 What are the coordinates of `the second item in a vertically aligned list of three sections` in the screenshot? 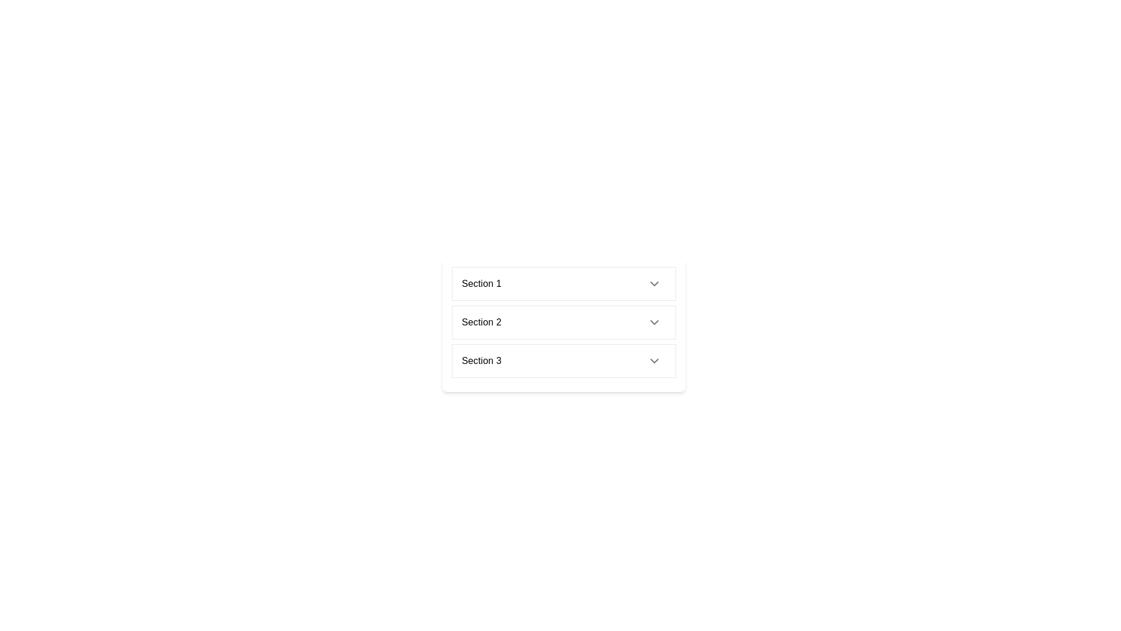 It's located at (563, 320).